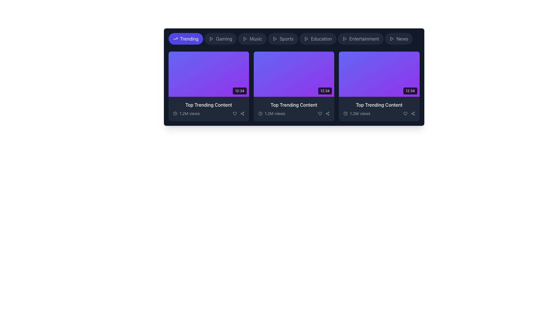 This screenshot has height=313, width=558. Describe the element at coordinates (320, 113) in the screenshot. I see `the icon-shaped heart button located in the bottom-right section of the card layout` at that location.